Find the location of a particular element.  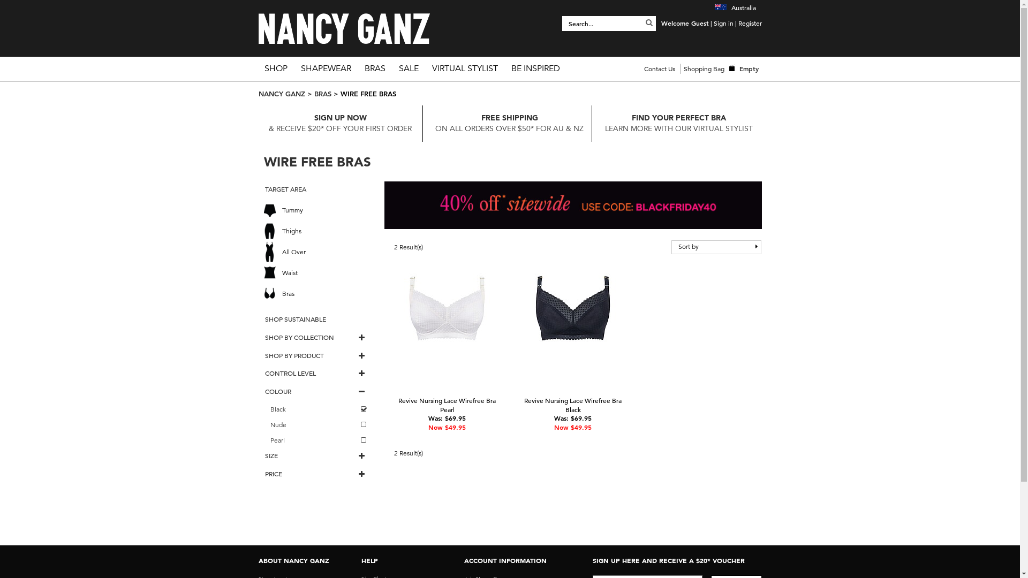

'Go' is located at coordinates (648, 22).